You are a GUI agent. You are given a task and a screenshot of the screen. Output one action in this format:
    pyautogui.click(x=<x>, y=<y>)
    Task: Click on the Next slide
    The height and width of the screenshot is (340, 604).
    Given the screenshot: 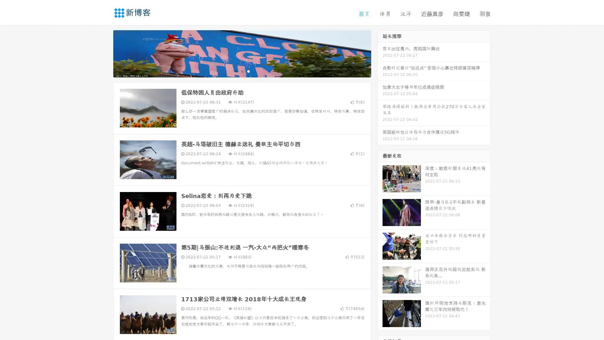 What is the action you would take?
    pyautogui.click(x=380, y=53)
    